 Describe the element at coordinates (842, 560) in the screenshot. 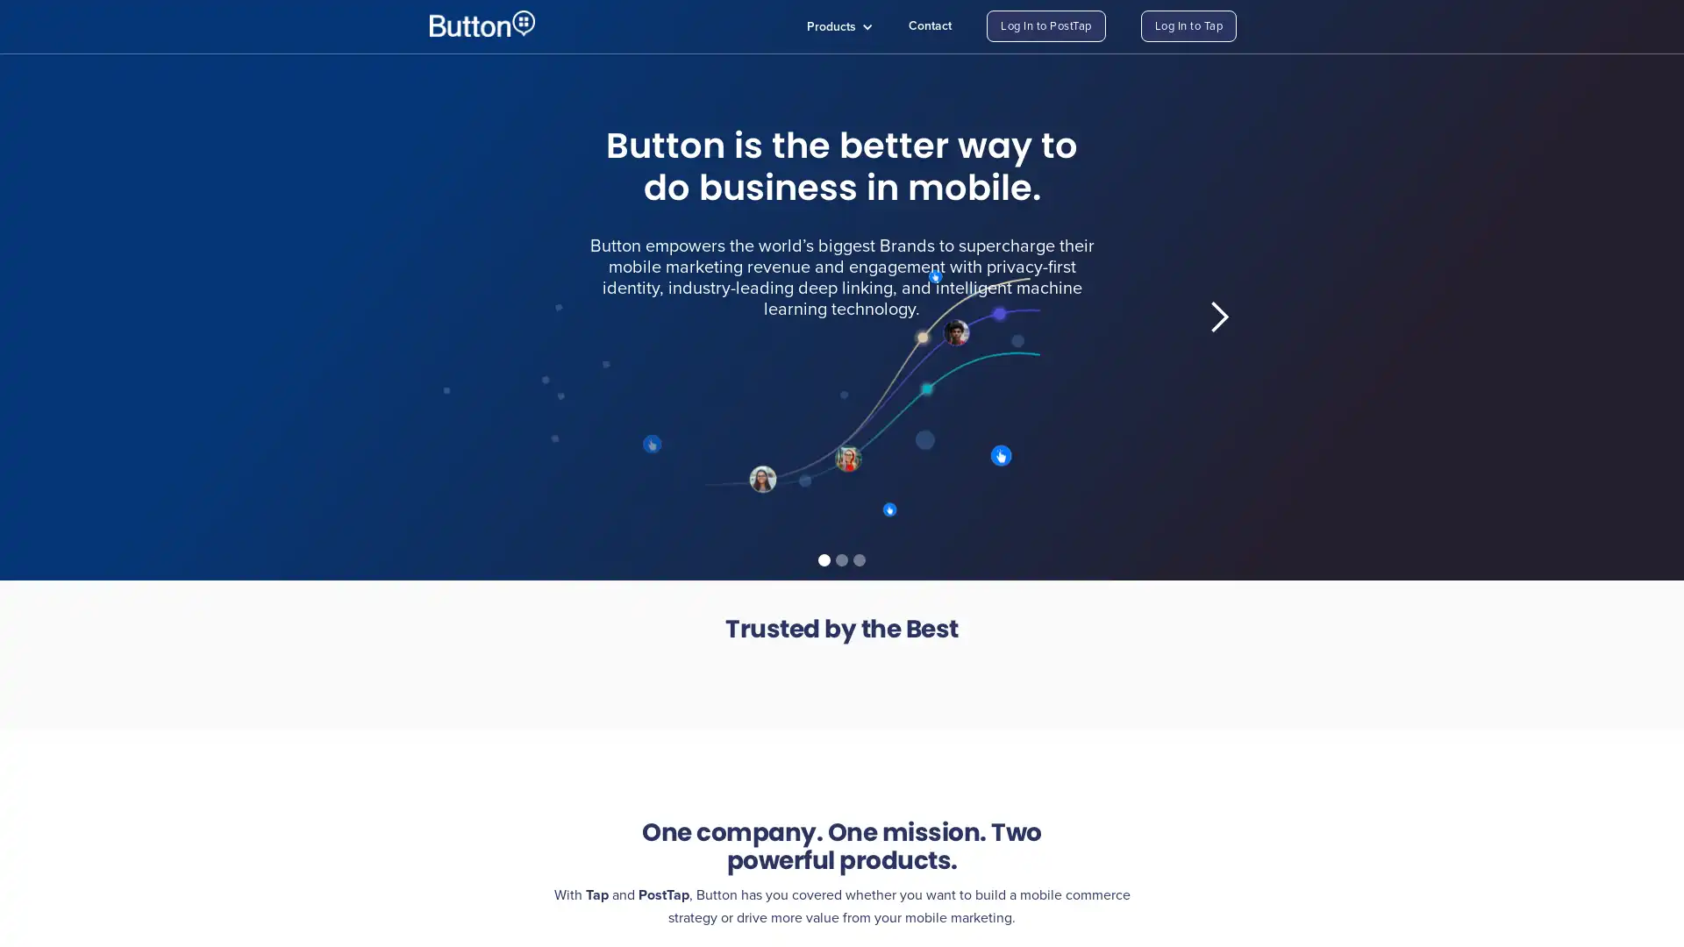

I see `Show slide 2 of 3` at that location.